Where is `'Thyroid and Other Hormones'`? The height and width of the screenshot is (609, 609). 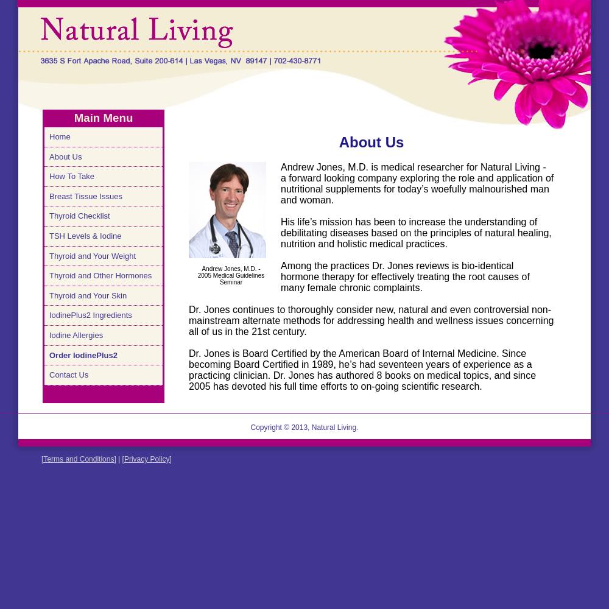 'Thyroid and Other Hormones' is located at coordinates (49, 275).